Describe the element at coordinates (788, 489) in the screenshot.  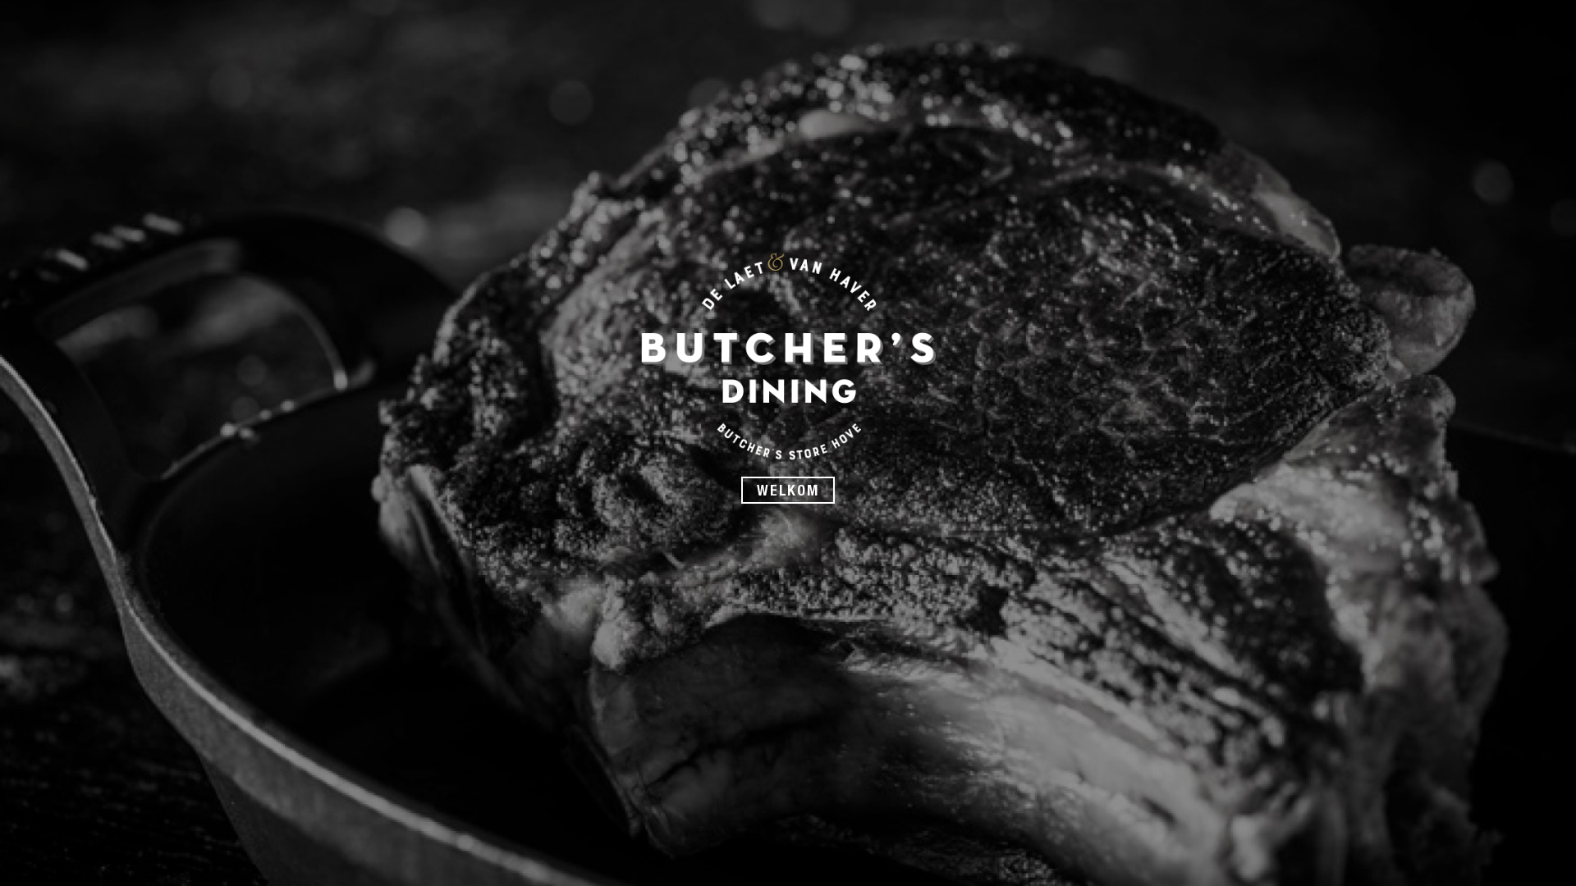
I see `'WELKOM'` at that location.